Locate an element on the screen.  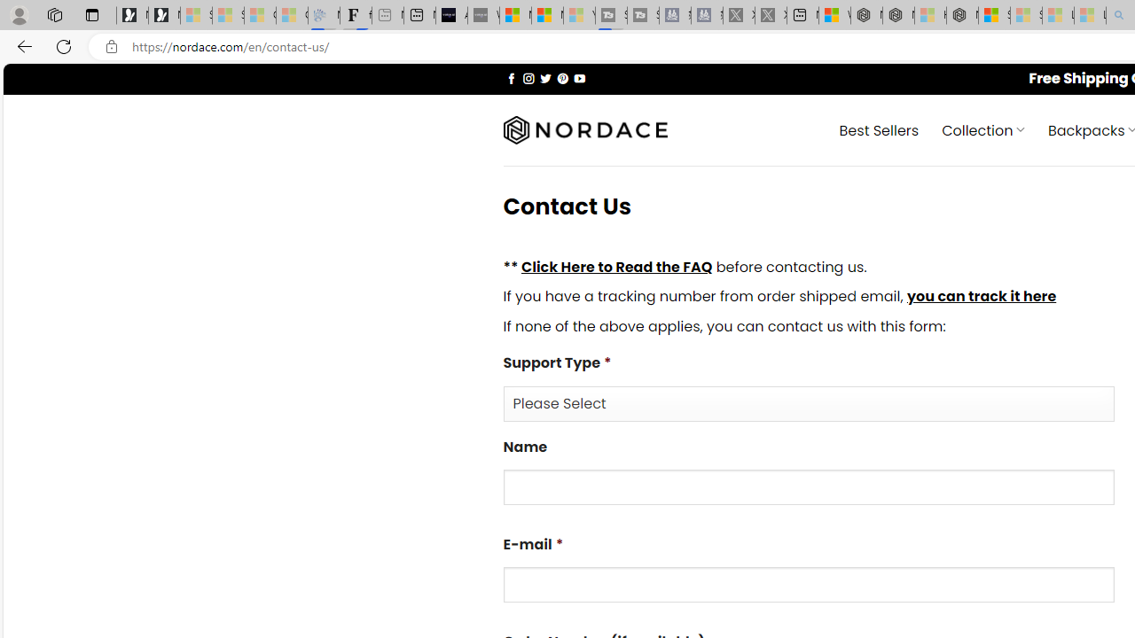
'Click Here to Read the FAQ' is located at coordinates (616, 266).